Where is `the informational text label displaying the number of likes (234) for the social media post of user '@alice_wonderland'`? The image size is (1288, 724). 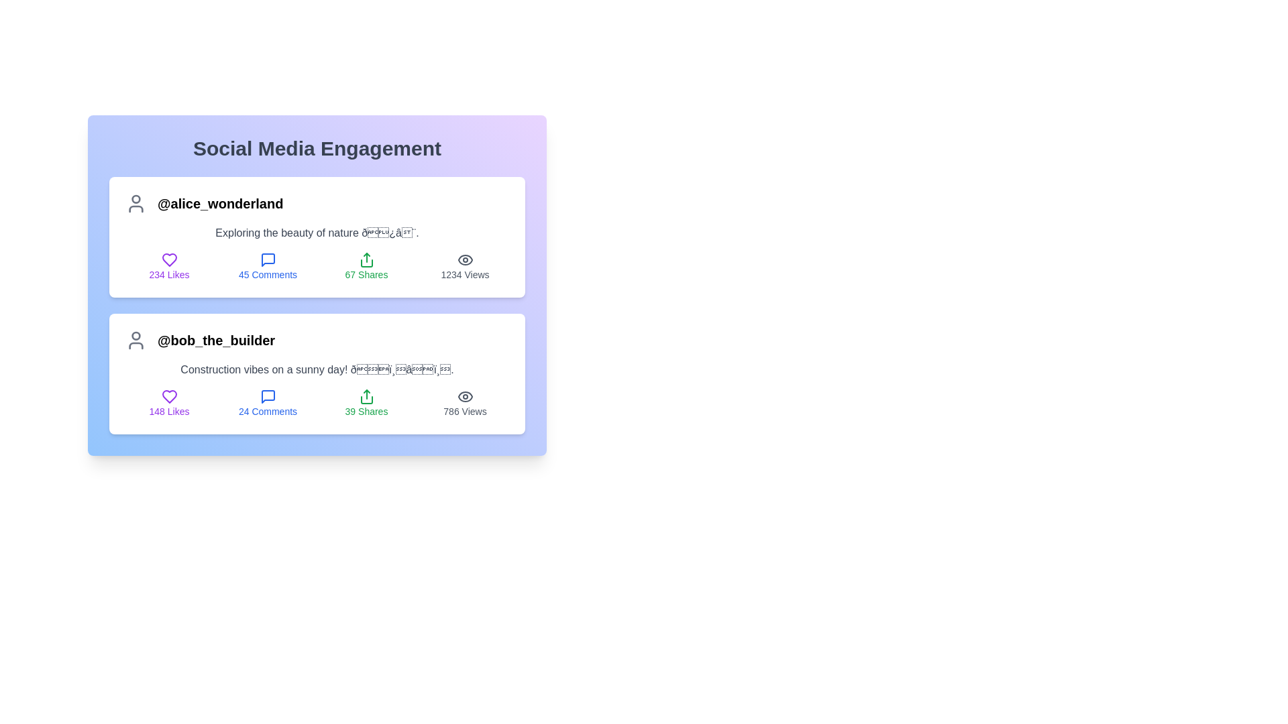
the informational text label displaying the number of likes (234) for the social media post of user '@alice_wonderland' is located at coordinates (168, 274).